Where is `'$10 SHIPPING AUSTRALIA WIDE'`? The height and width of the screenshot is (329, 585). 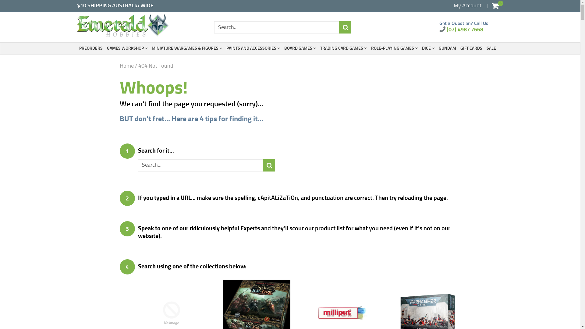
'$10 SHIPPING AUSTRALIA WIDE' is located at coordinates (115, 6).